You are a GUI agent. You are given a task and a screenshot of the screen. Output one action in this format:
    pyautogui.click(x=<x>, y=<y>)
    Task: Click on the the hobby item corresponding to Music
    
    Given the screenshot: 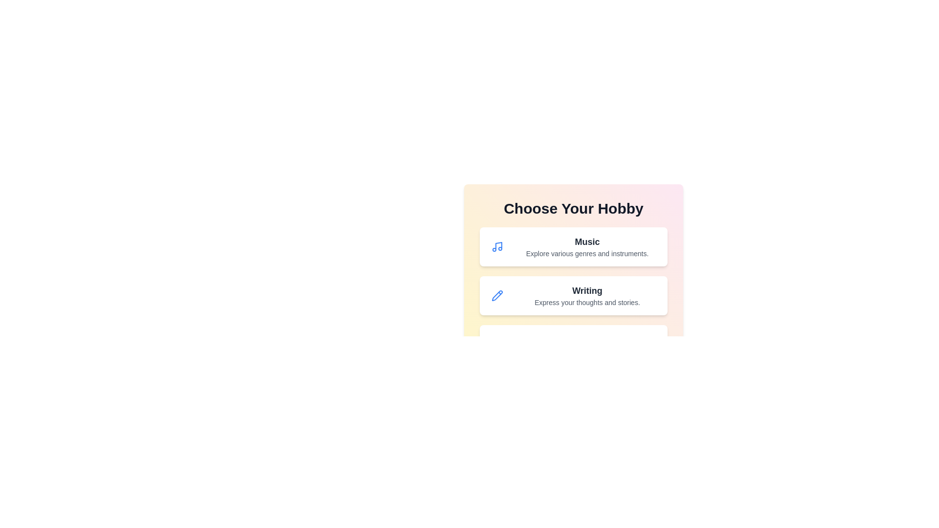 What is the action you would take?
    pyautogui.click(x=573, y=246)
    